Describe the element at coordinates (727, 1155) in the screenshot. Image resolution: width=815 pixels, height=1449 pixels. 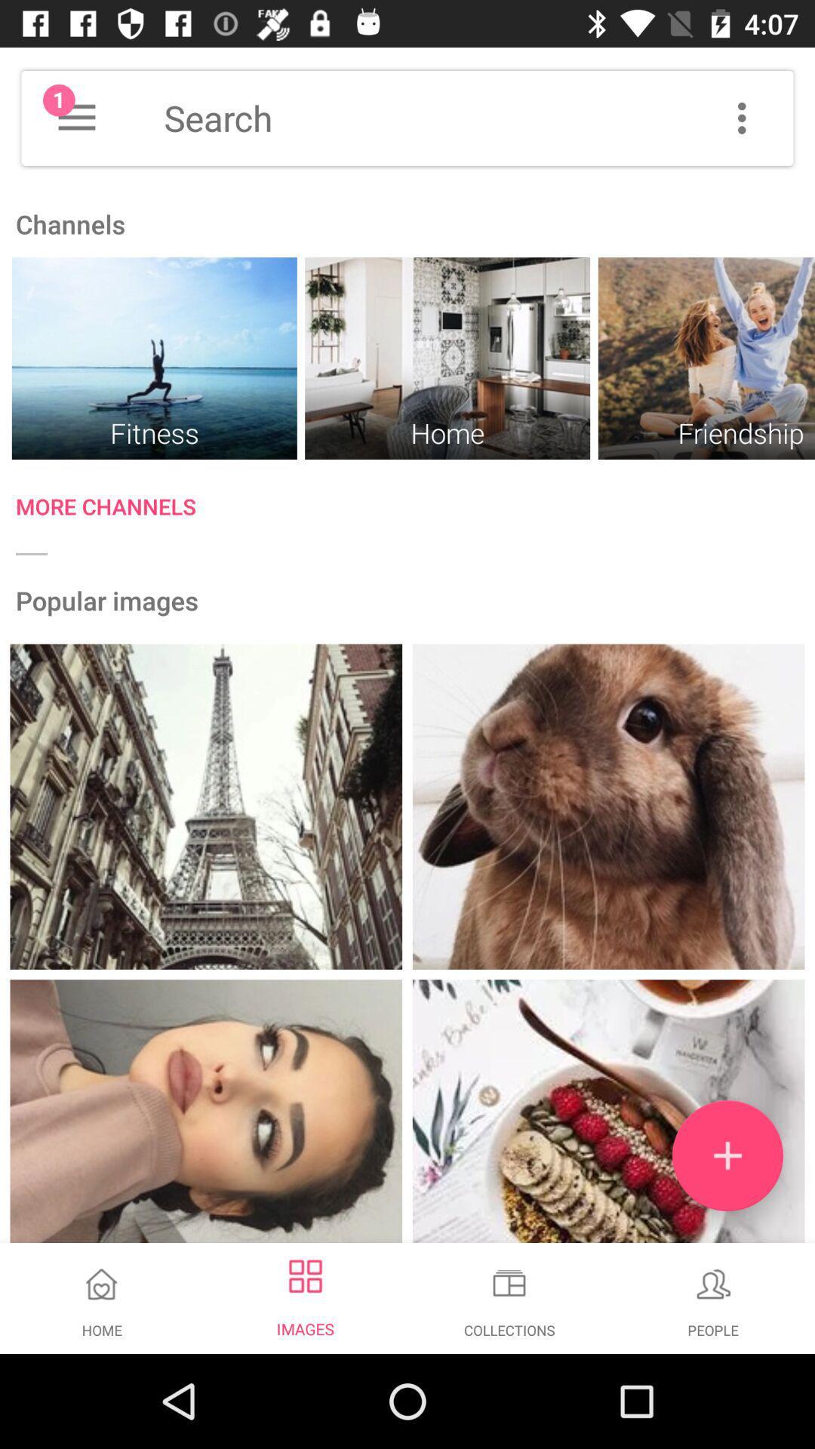
I see `the add icon` at that location.